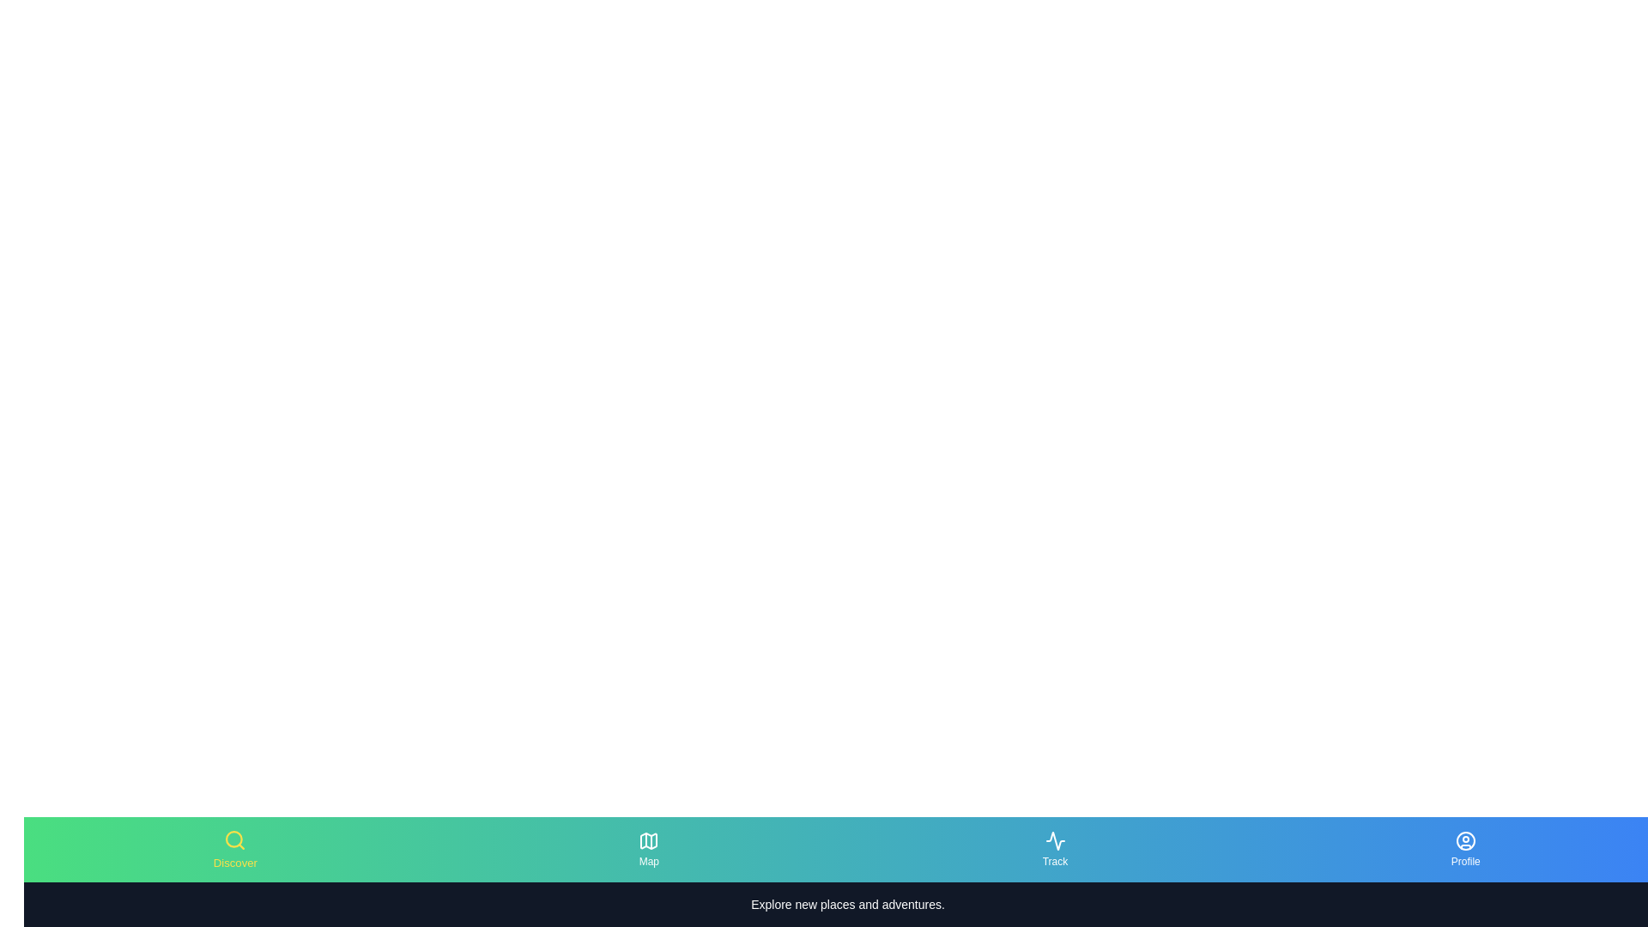  I want to click on the tab labeled Discover to navigate to its content, so click(233, 850).